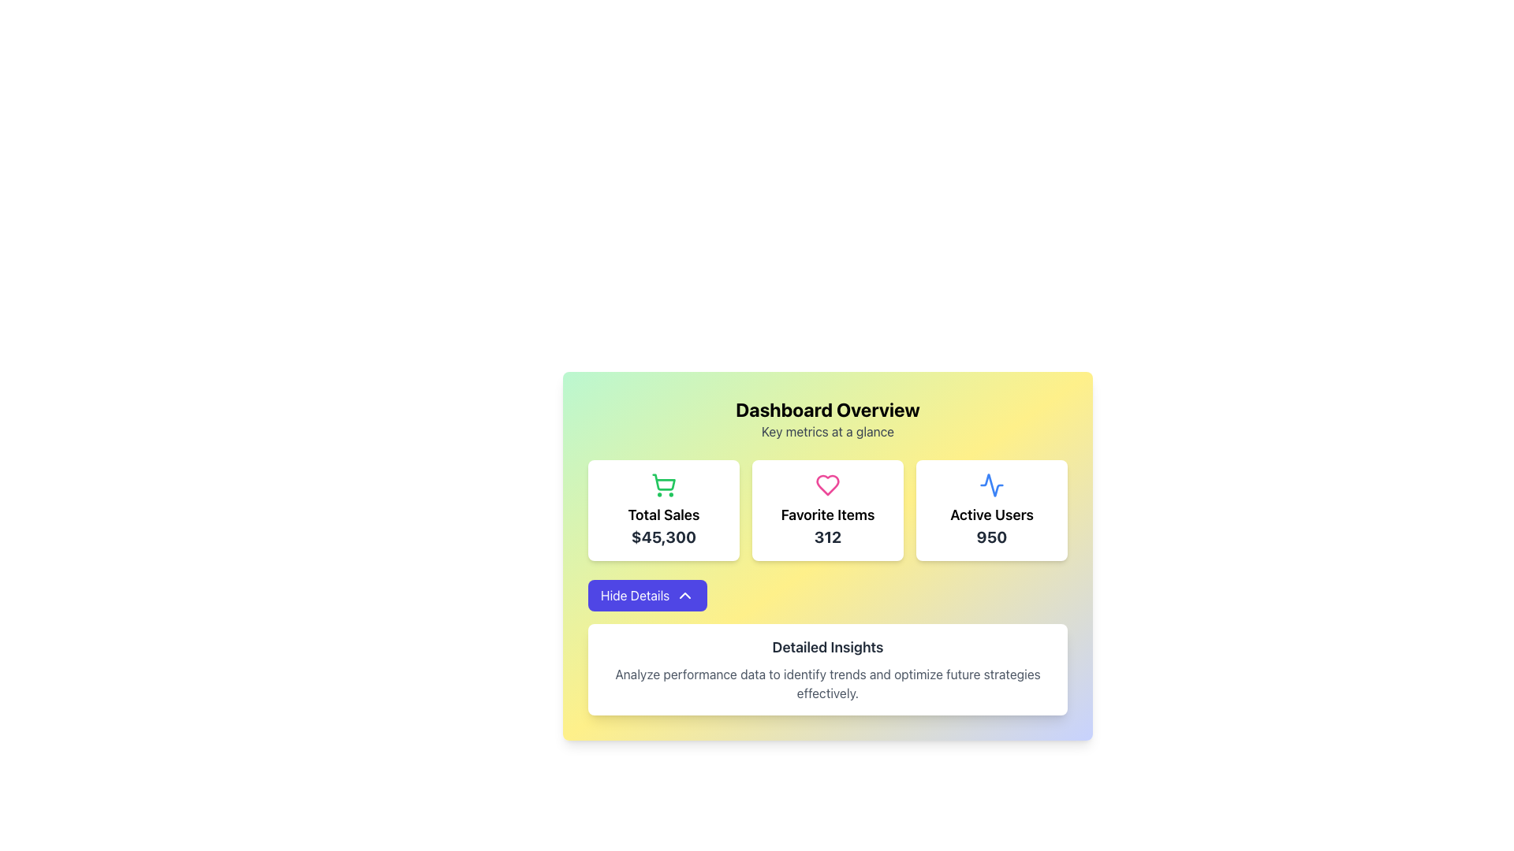 The height and width of the screenshot is (851, 1514). Describe the element at coordinates (990, 537) in the screenshot. I see `the Text Display element showing the number '950', which is styled in dark gray and located within a white card box labeled 'Active Users'` at that location.